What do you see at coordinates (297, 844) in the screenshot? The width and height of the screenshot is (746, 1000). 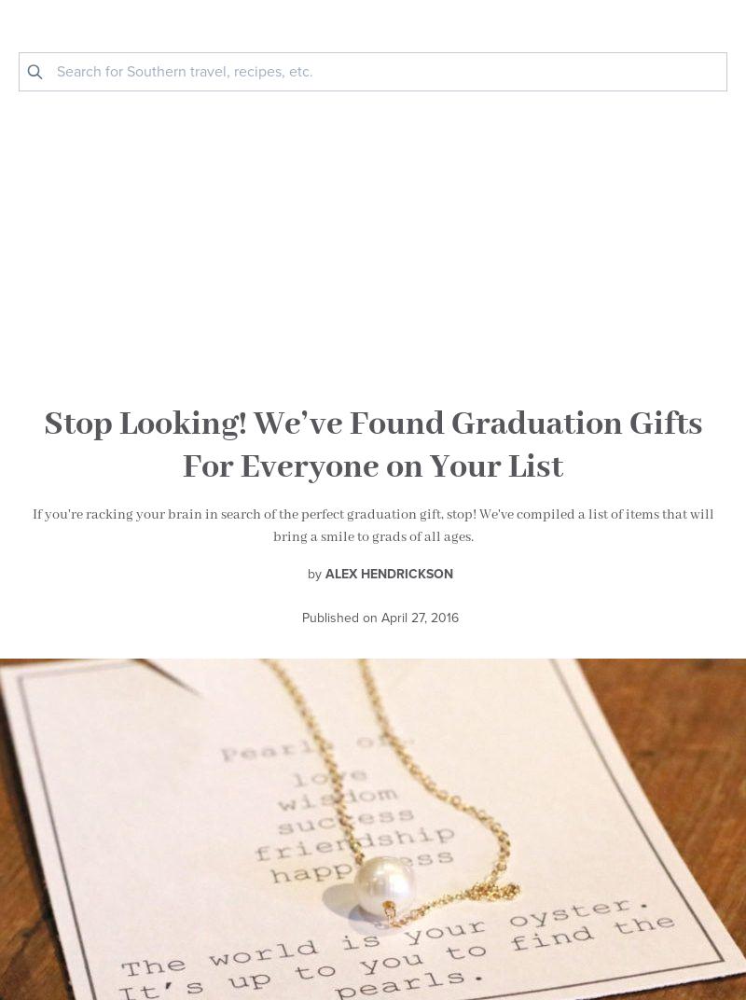 I see `'Share with your friends!'` at bounding box center [297, 844].